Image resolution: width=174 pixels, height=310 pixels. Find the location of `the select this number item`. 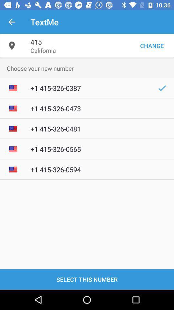

the select this number item is located at coordinates (87, 279).